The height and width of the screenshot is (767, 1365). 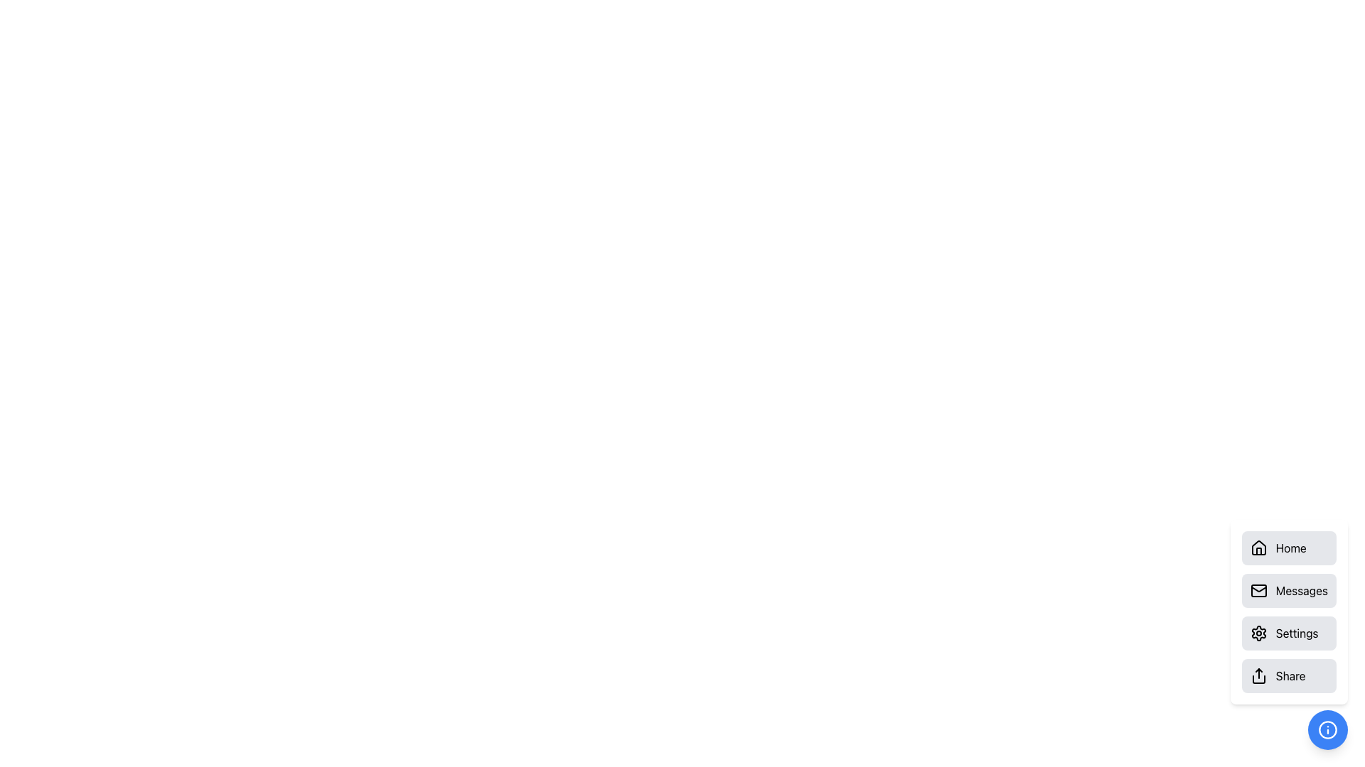 What do you see at coordinates (1258, 547) in the screenshot?
I see `the roof outline of the house icon that is part of the 'Home' button located in the side menu` at bounding box center [1258, 547].